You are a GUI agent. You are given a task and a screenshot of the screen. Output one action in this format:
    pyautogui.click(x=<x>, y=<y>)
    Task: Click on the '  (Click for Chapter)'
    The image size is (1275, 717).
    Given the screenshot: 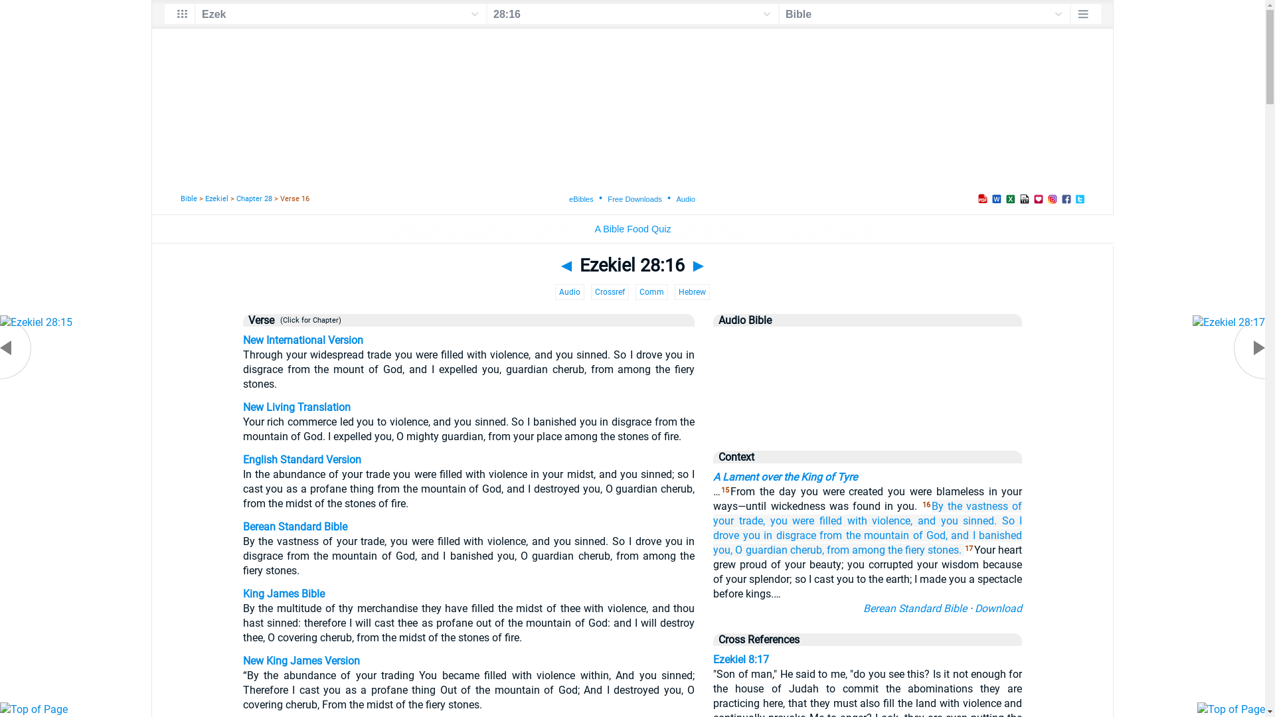 What is the action you would take?
    pyautogui.click(x=307, y=321)
    